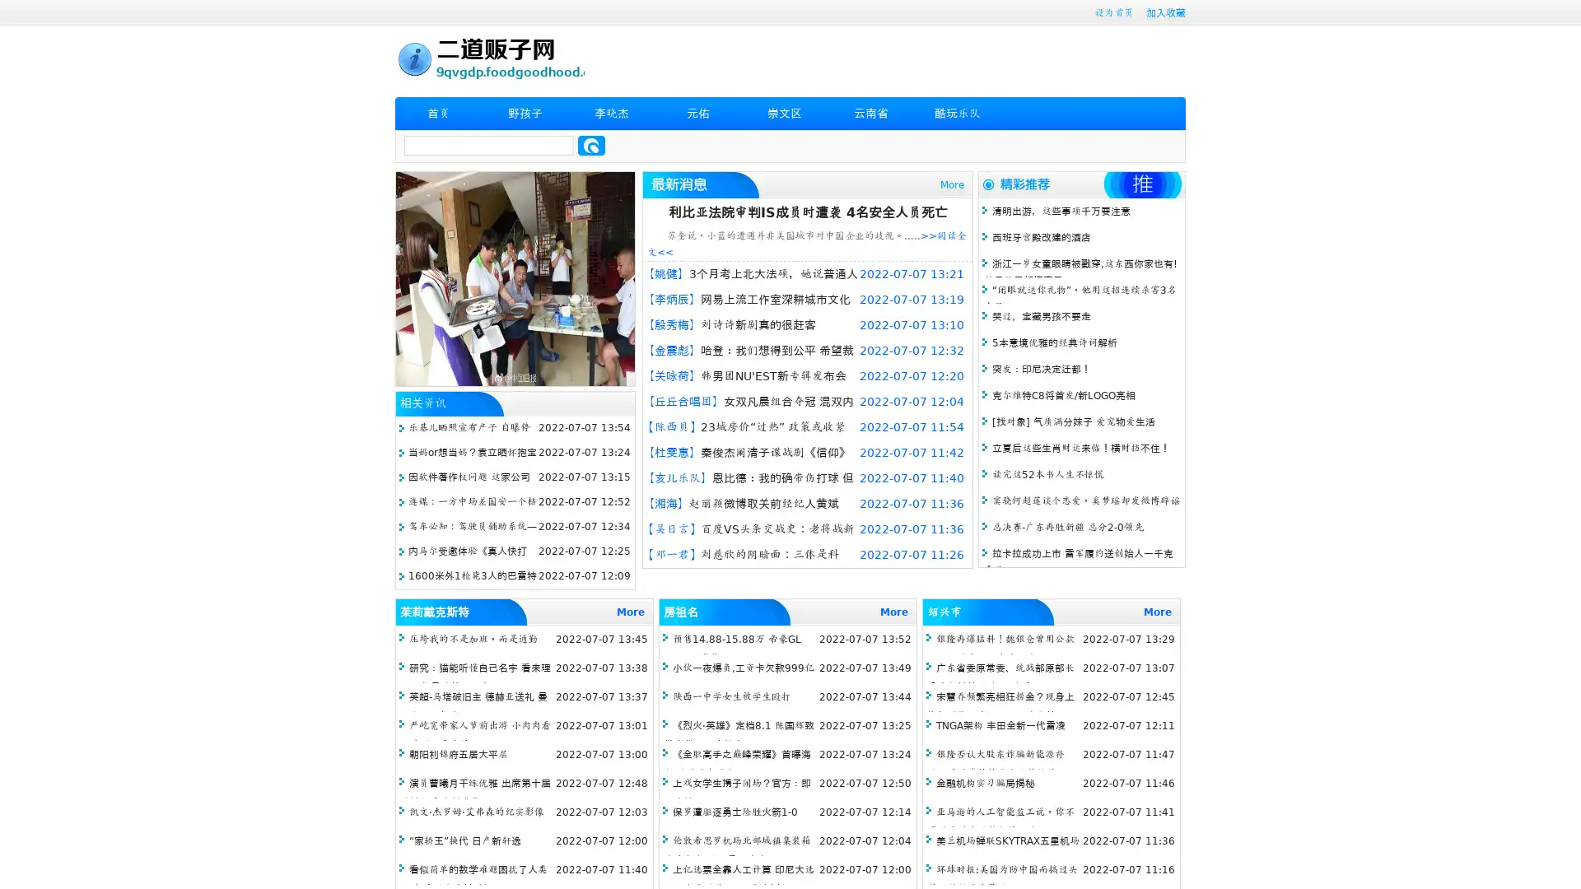 Image resolution: width=1581 pixels, height=889 pixels. I want to click on Search, so click(591, 145).